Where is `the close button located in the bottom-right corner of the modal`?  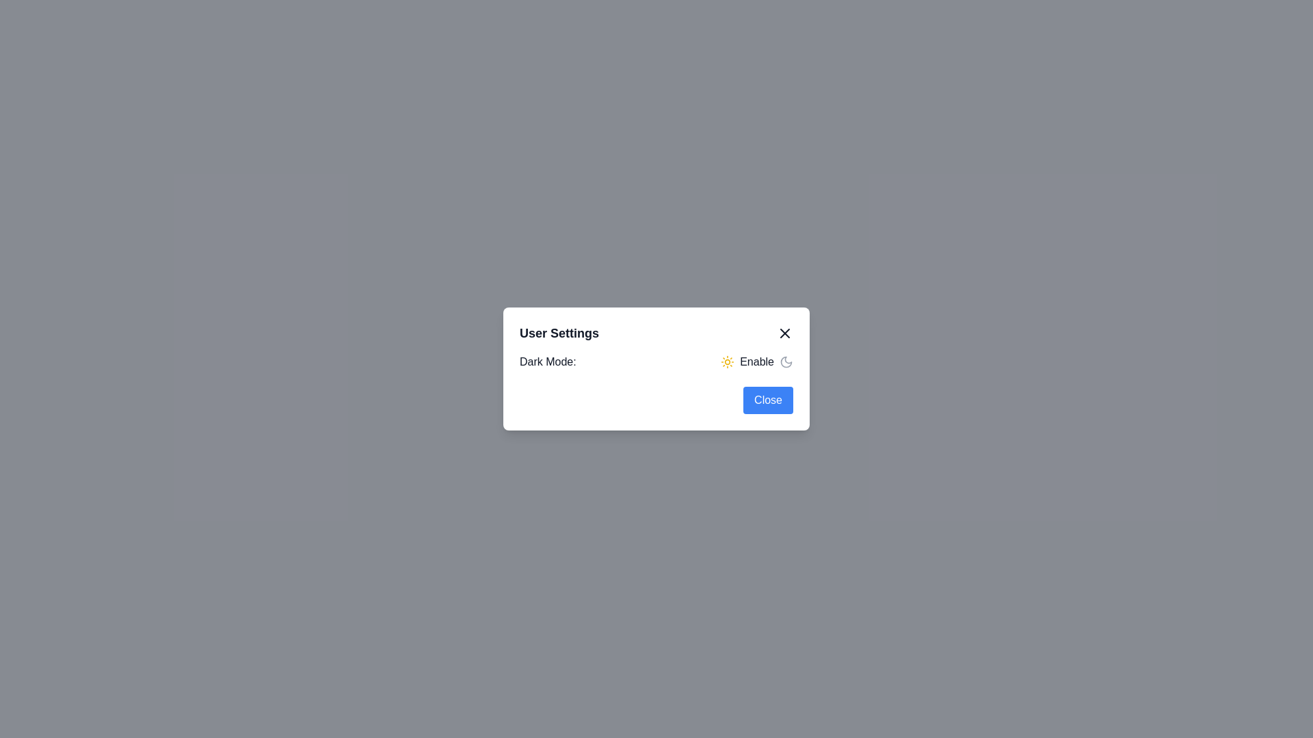 the close button located in the bottom-right corner of the modal is located at coordinates (768, 400).